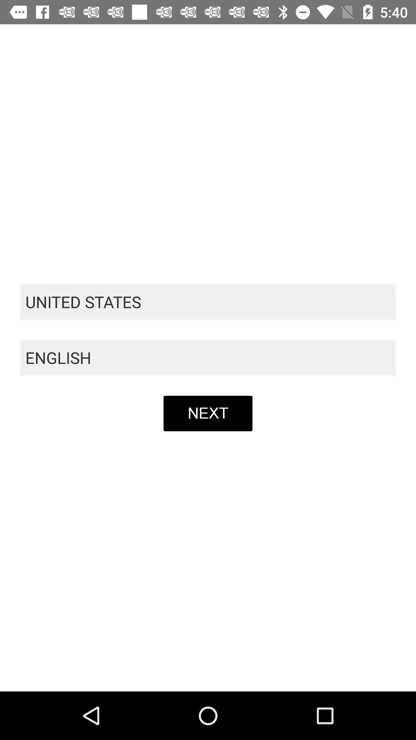 Image resolution: width=416 pixels, height=740 pixels. What do you see at coordinates (208, 357) in the screenshot?
I see `the item above next icon` at bounding box center [208, 357].